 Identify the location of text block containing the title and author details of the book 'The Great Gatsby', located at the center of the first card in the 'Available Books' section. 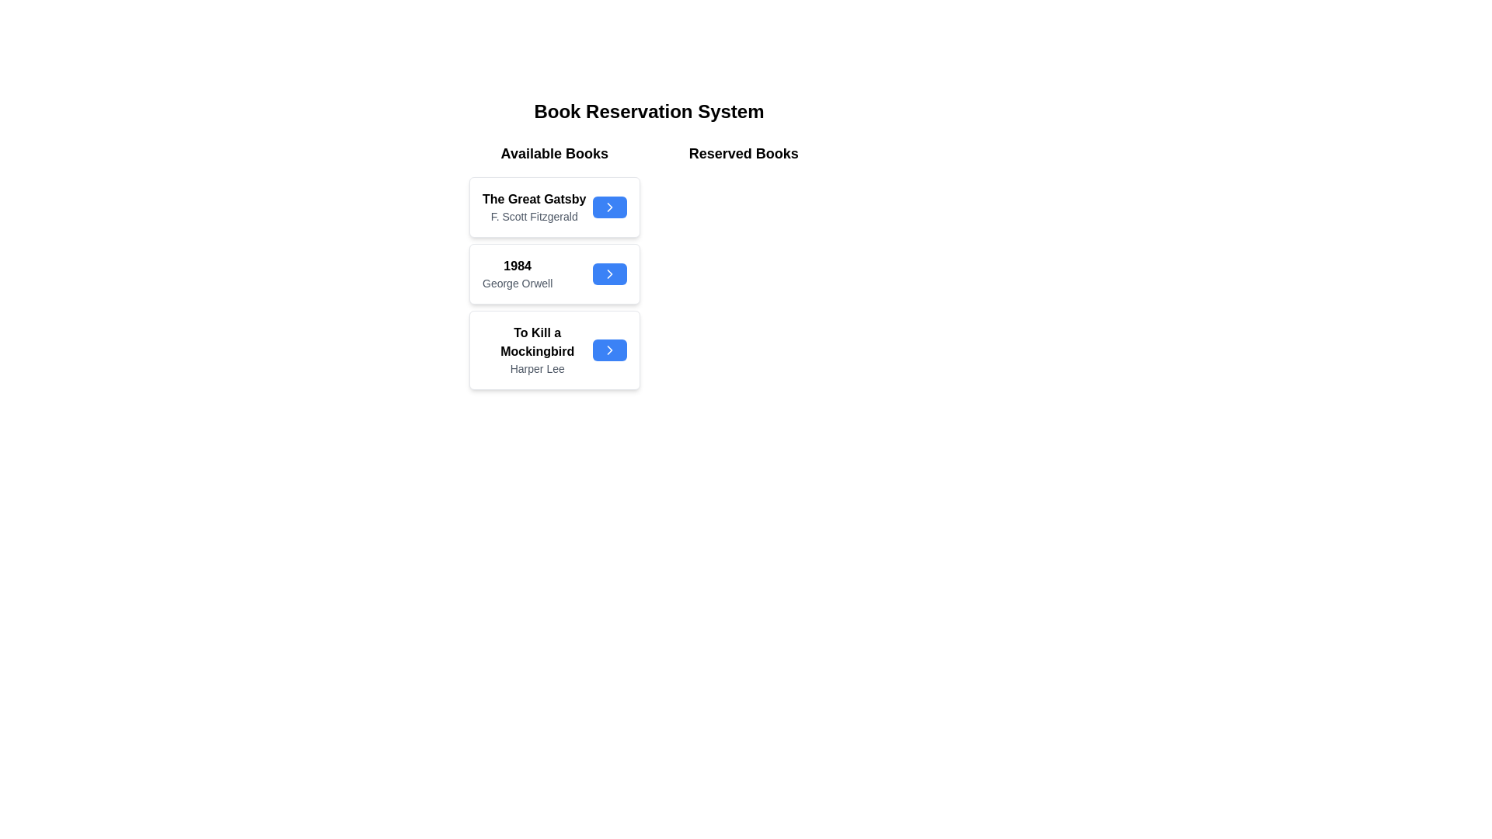
(534, 206).